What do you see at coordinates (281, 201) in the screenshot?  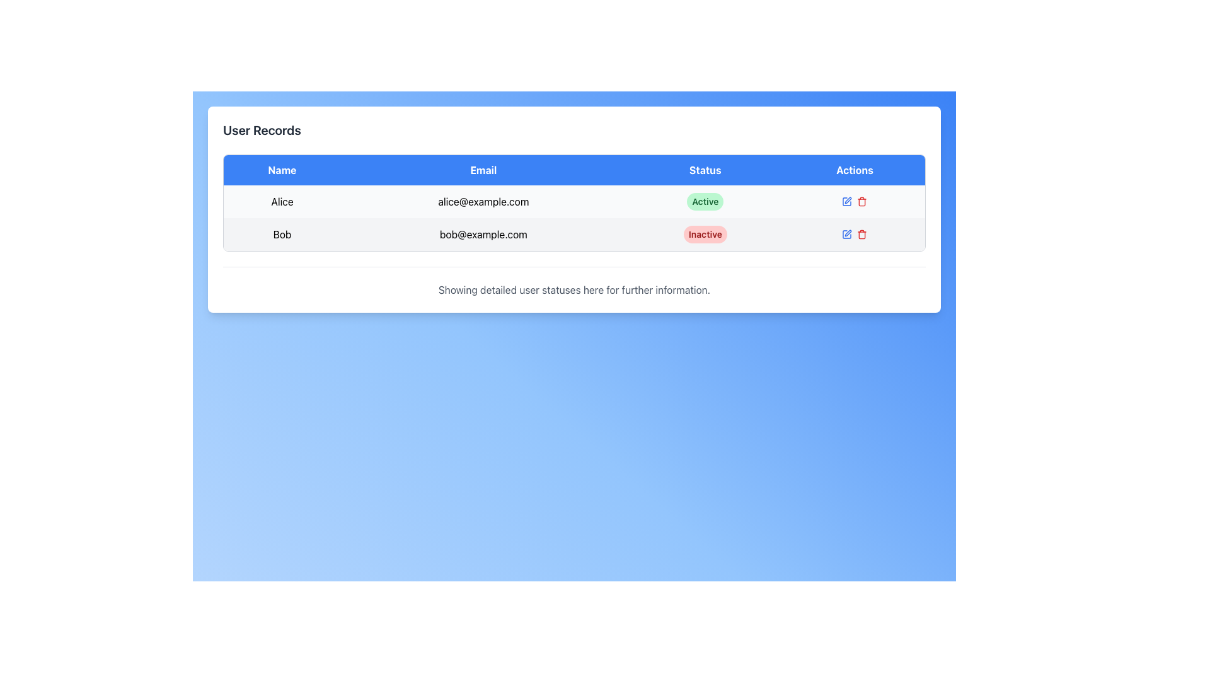 I see `the text label displaying 'Alice' in black font against a white background, located in the first column under the 'Name' header in the table` at bounding box center [281, 201].